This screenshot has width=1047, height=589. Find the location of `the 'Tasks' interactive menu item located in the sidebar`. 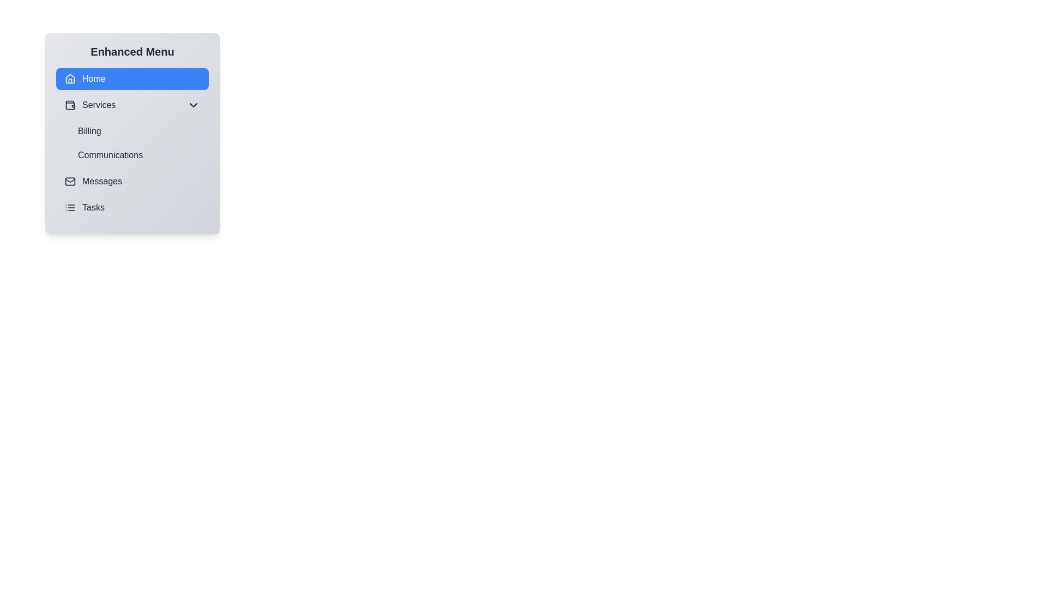

the 'Tasks' interactive menu item located in the sidebar is located at coordinates (132, 208).